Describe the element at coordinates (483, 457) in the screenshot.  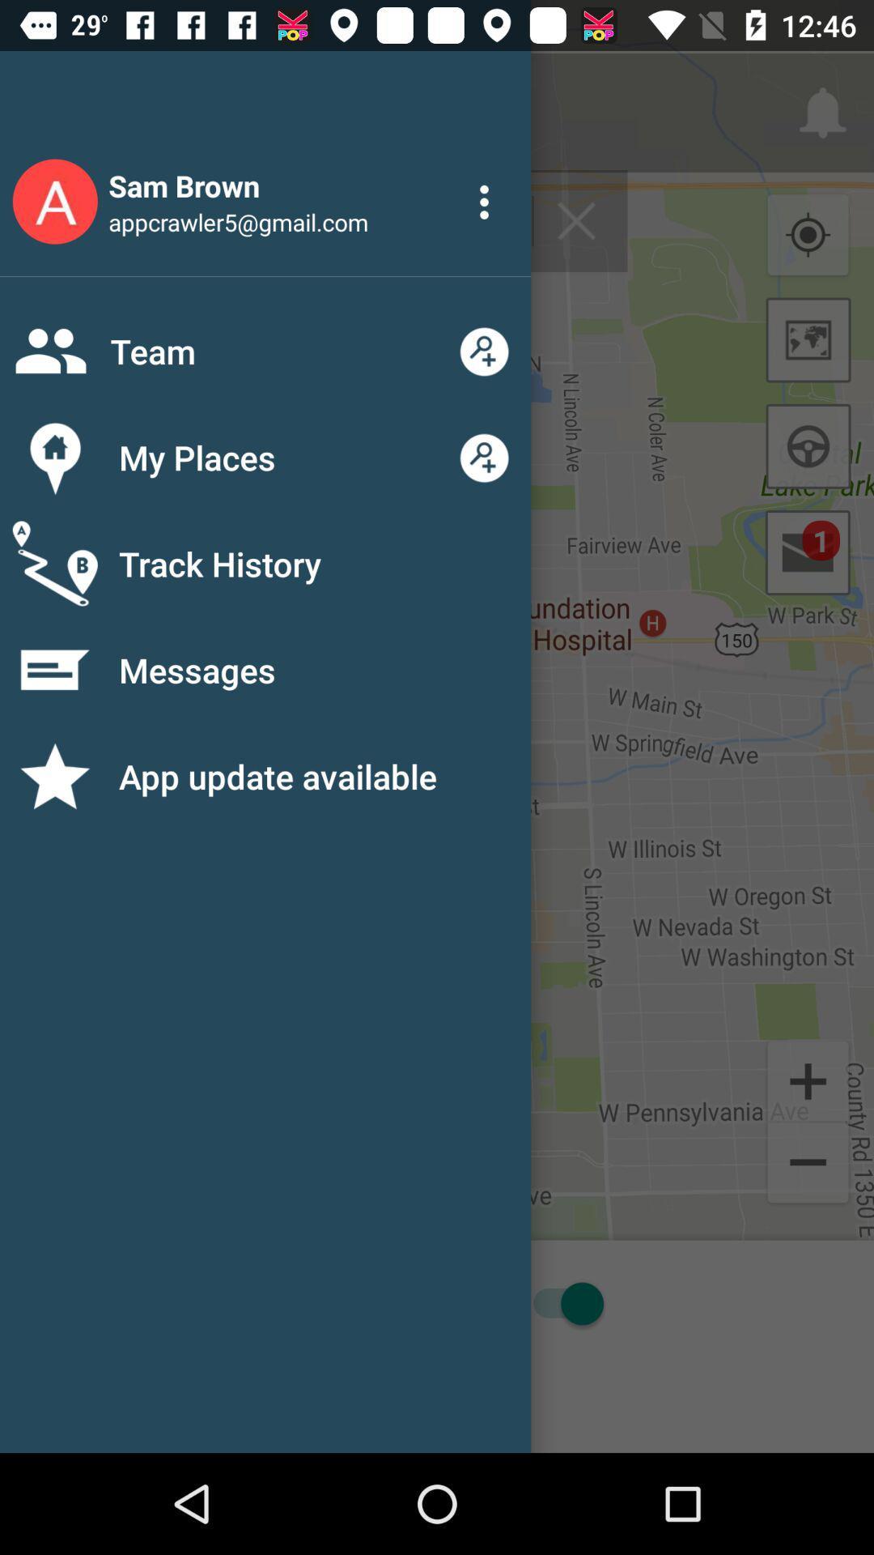
I see `the button on the right next to the button my places on the web page` at that location.